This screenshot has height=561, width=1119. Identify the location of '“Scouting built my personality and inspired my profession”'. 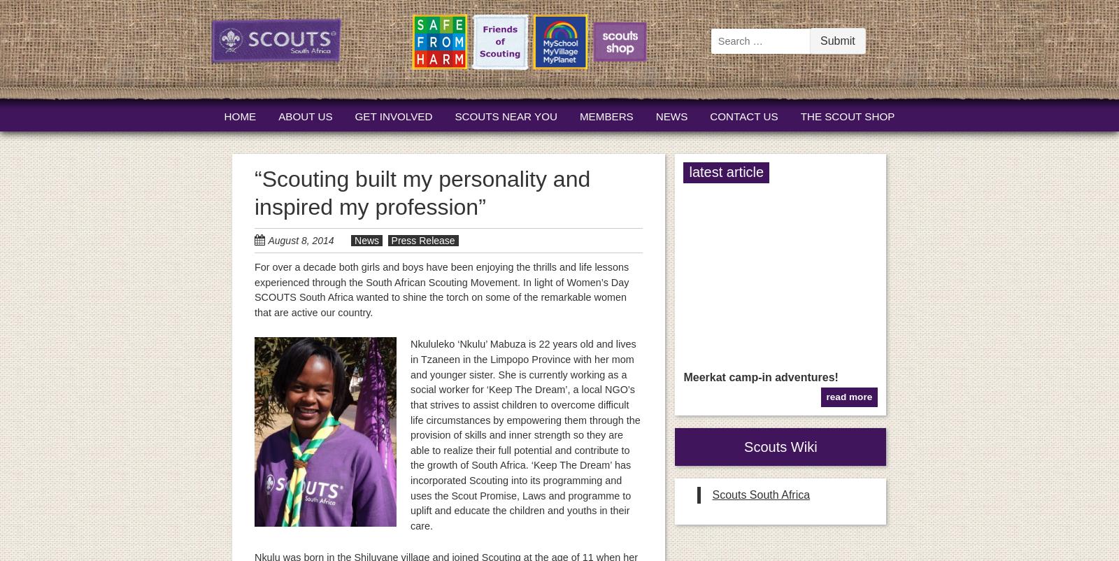
(255, 192).